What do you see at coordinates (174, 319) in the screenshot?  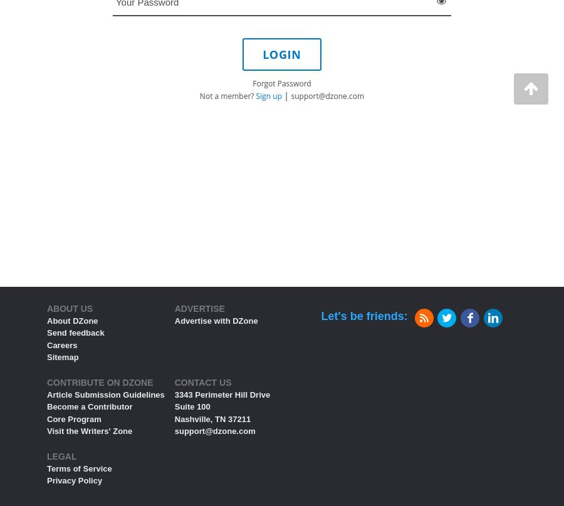 I see `'Advertise with DZone'` at bounding box center [174, 319].